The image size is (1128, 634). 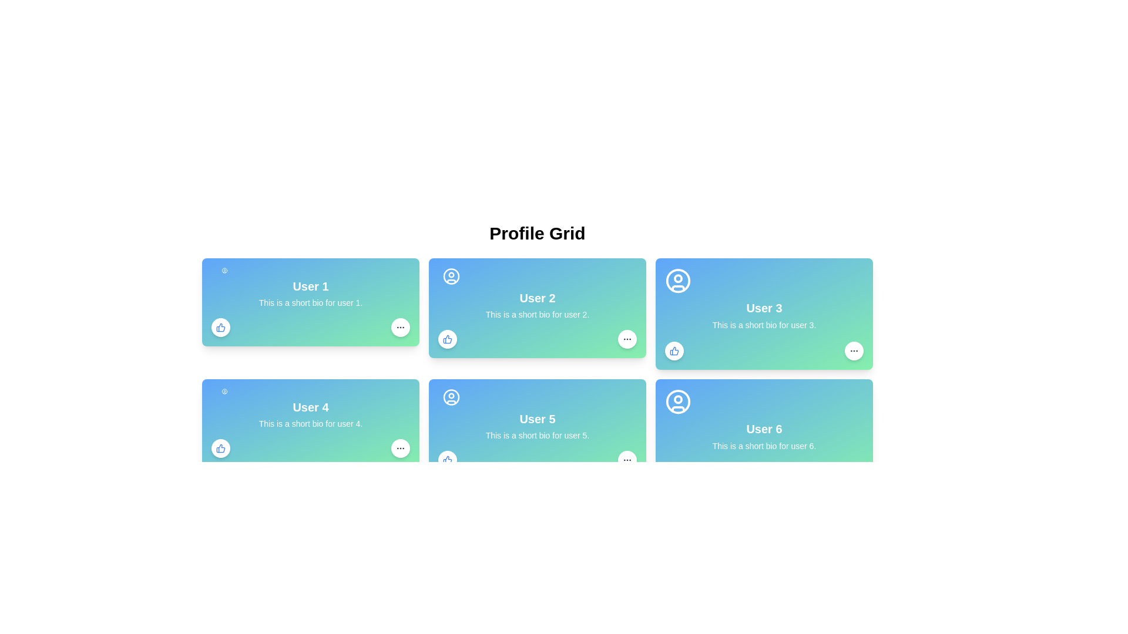 What do you see at coordinates (451, 397) in the screenshot?
I see `the decorative circle of the user profile icon associated with 'User 5' located in the third row, second column of the grid layout` at bounding box center [451, 397].